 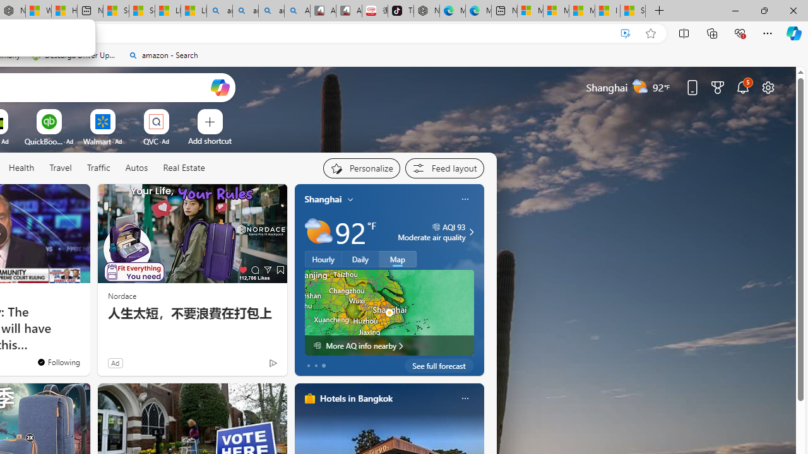 I want to click on 'Health', so click(x=21, y=168).